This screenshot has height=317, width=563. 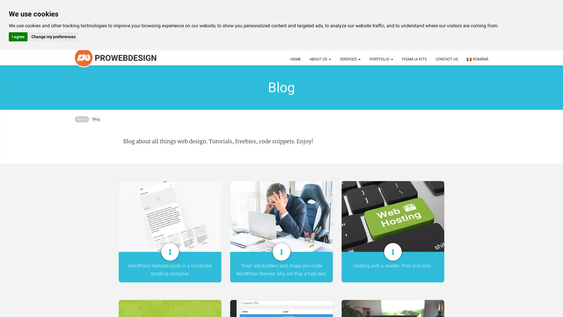 I want to click on I agree, so click(x=18, y=37).